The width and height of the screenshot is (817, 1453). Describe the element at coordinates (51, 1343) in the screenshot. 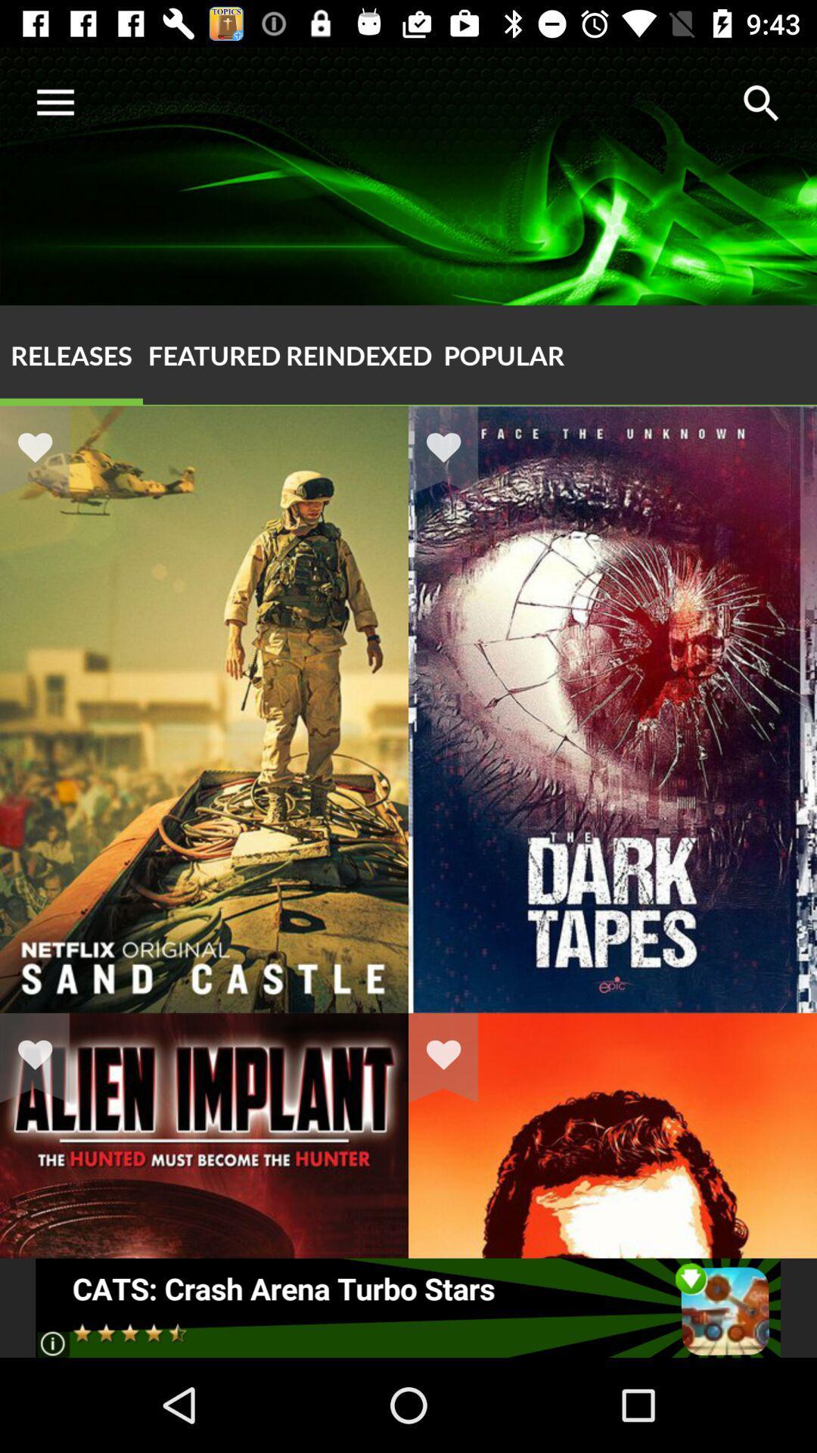

I see `the information icon which is on bottom of the page` at that location.